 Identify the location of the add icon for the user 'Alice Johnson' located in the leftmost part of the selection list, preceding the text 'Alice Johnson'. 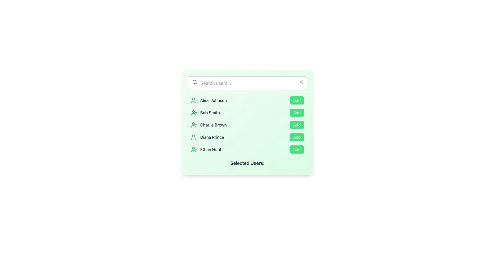
(194, 100).